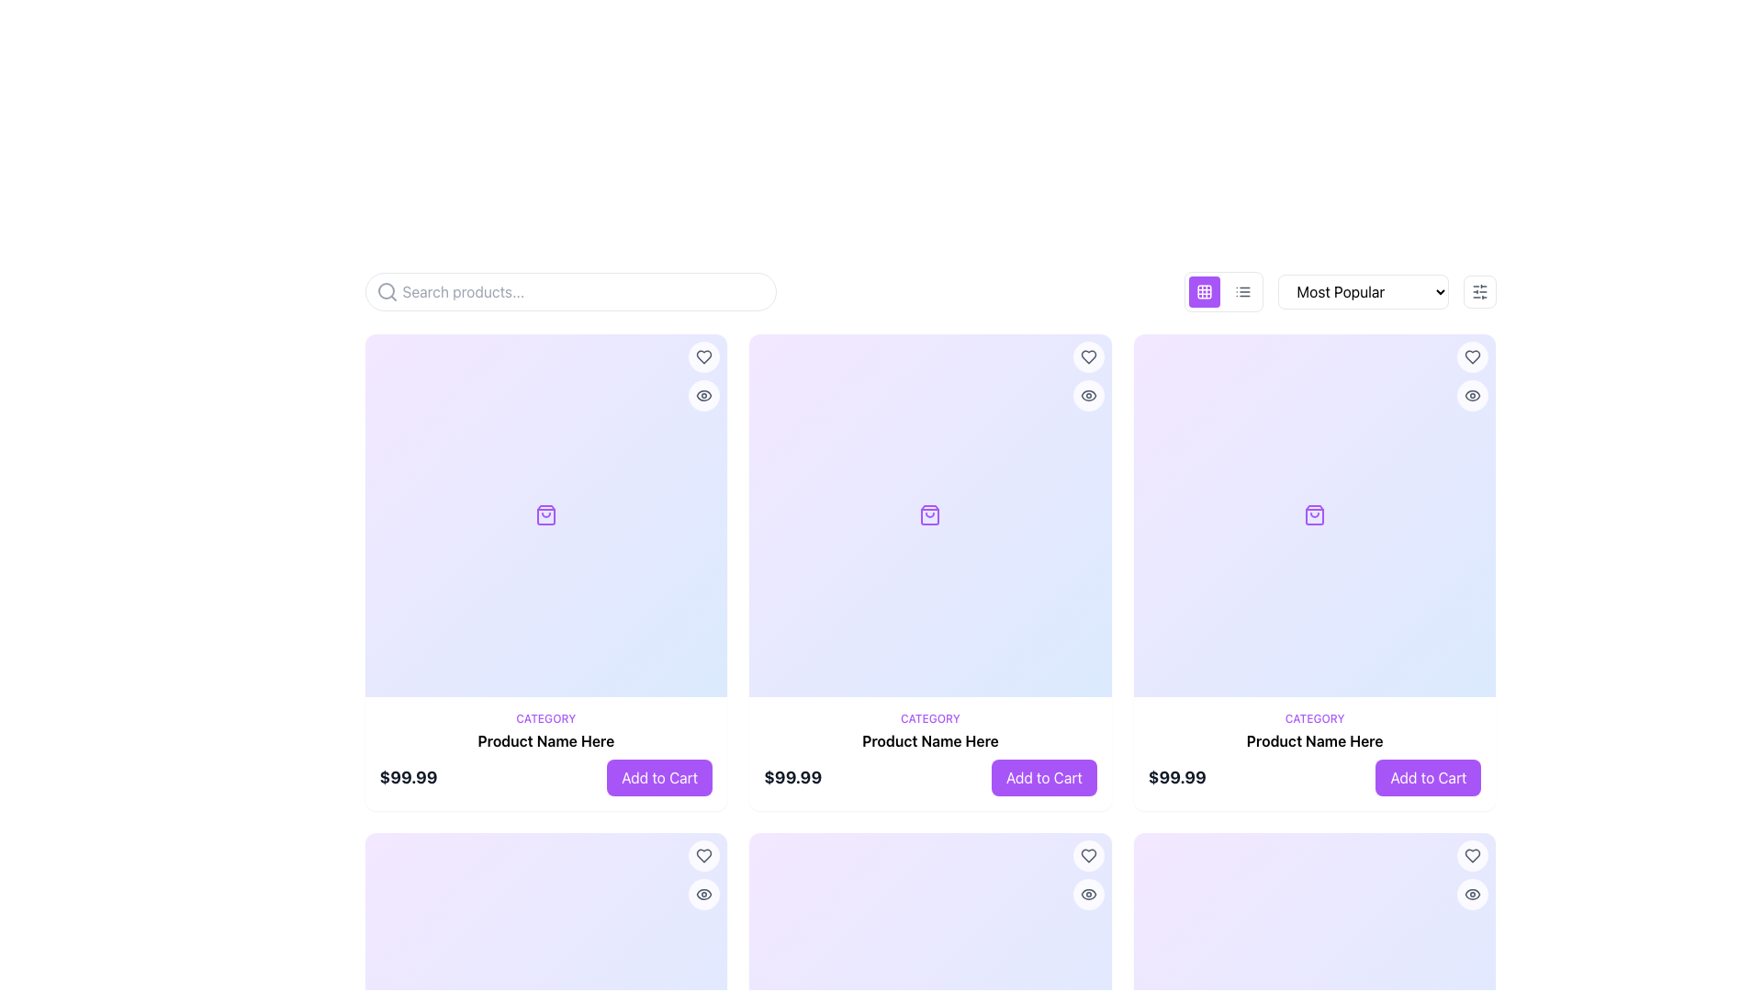 The width and height of the screenshot is (1763, 992). Describe the element at coordinates (1473, 357) in the screenshot. I see `the icon button located in the top-right corner of the rightmost product card in the top row of the grid layout` at that location.